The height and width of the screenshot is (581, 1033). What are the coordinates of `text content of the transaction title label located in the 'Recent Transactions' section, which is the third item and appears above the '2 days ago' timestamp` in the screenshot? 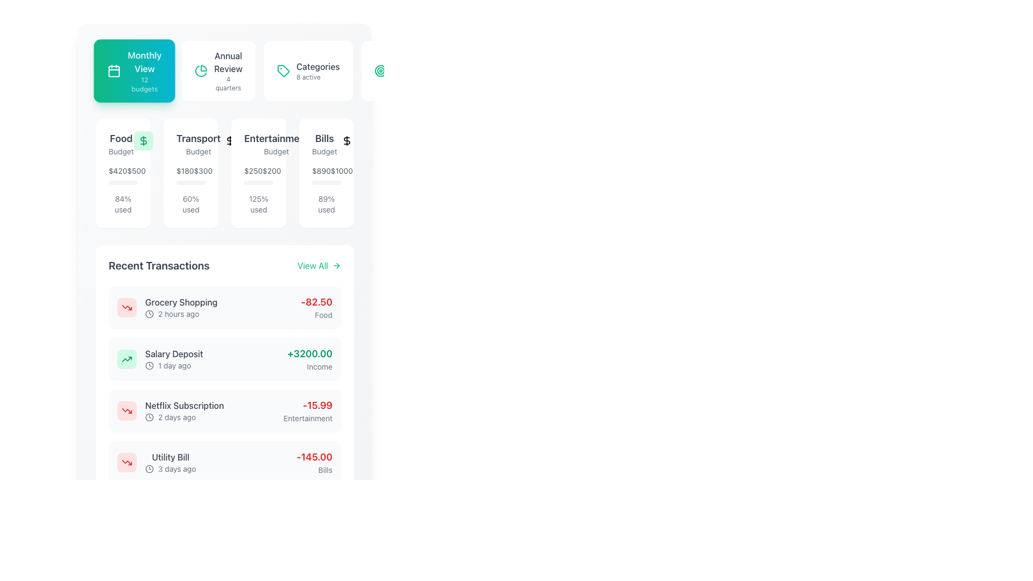 It's located at (185, 405).